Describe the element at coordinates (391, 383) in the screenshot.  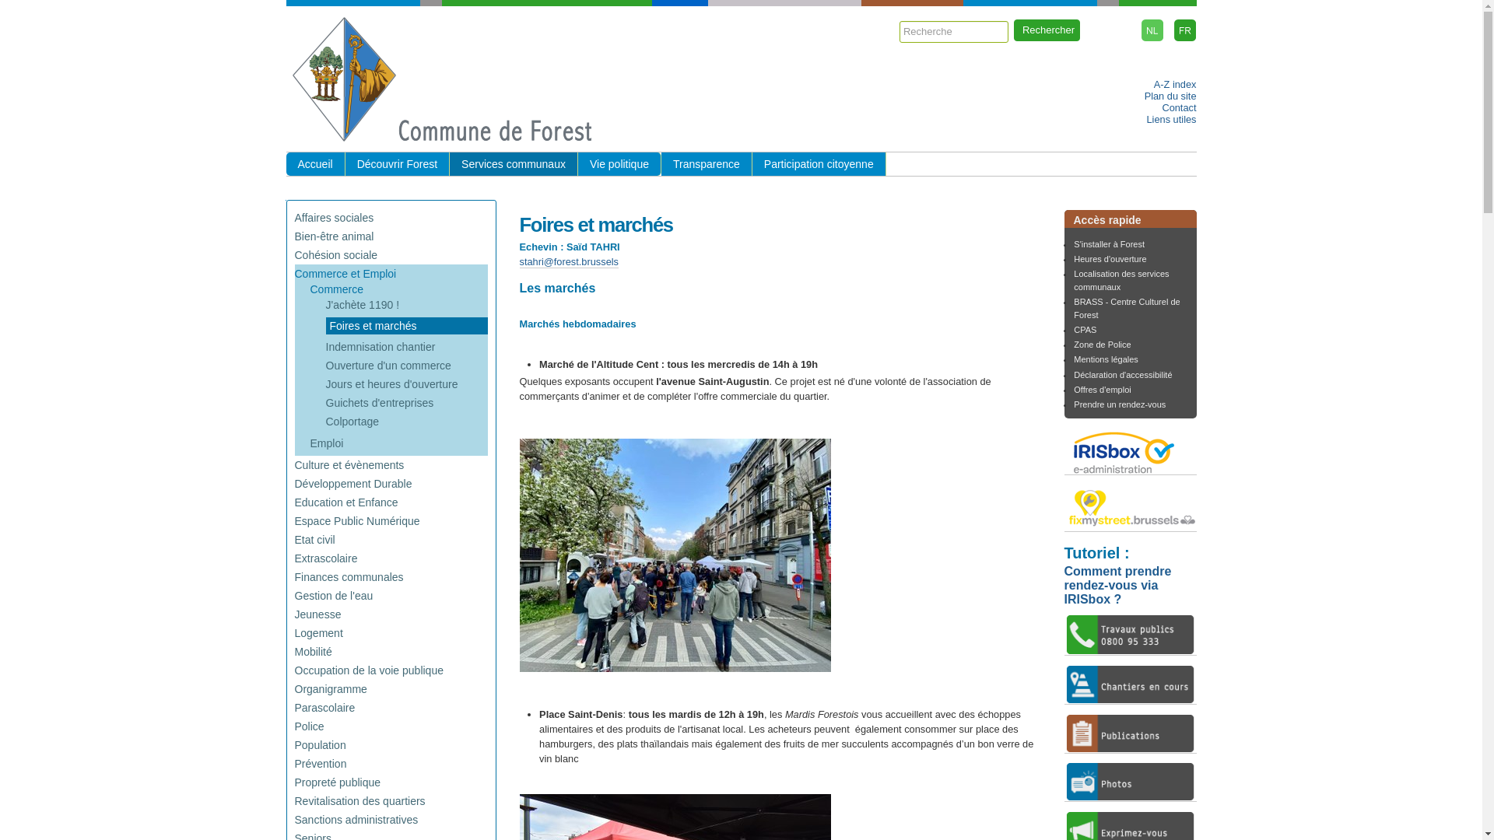
I see `'Jours et heures d'ouverture'` at that location.